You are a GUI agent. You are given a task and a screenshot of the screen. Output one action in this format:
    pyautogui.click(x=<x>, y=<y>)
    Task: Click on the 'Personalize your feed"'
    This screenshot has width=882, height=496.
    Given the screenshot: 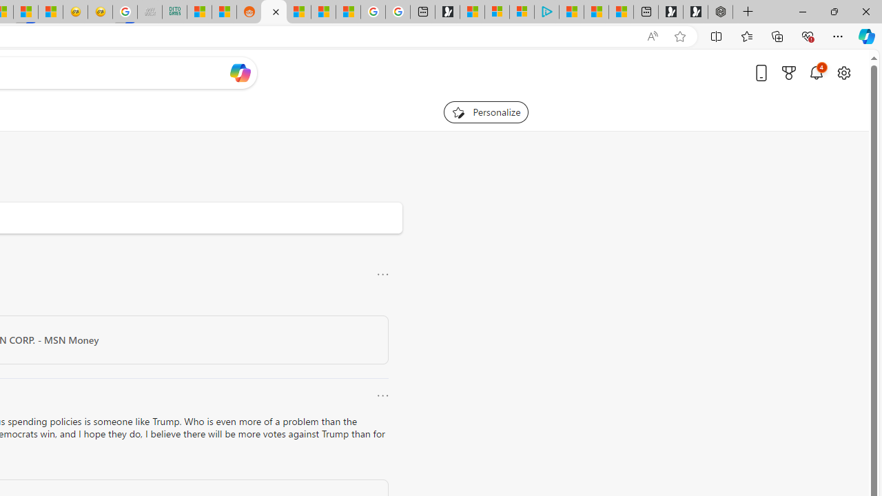 What is the action you would take?
    pyautogui.click(x=486, y=112)
    